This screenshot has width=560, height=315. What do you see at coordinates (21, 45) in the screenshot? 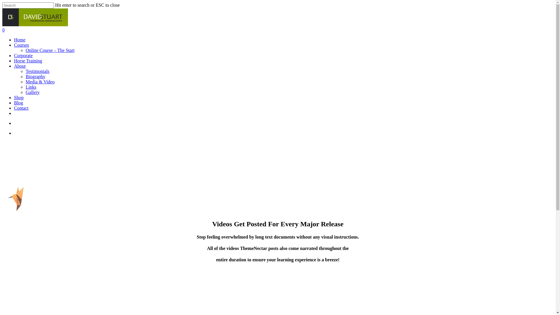
I see `'Courses'` at bounding box center [21, 45].